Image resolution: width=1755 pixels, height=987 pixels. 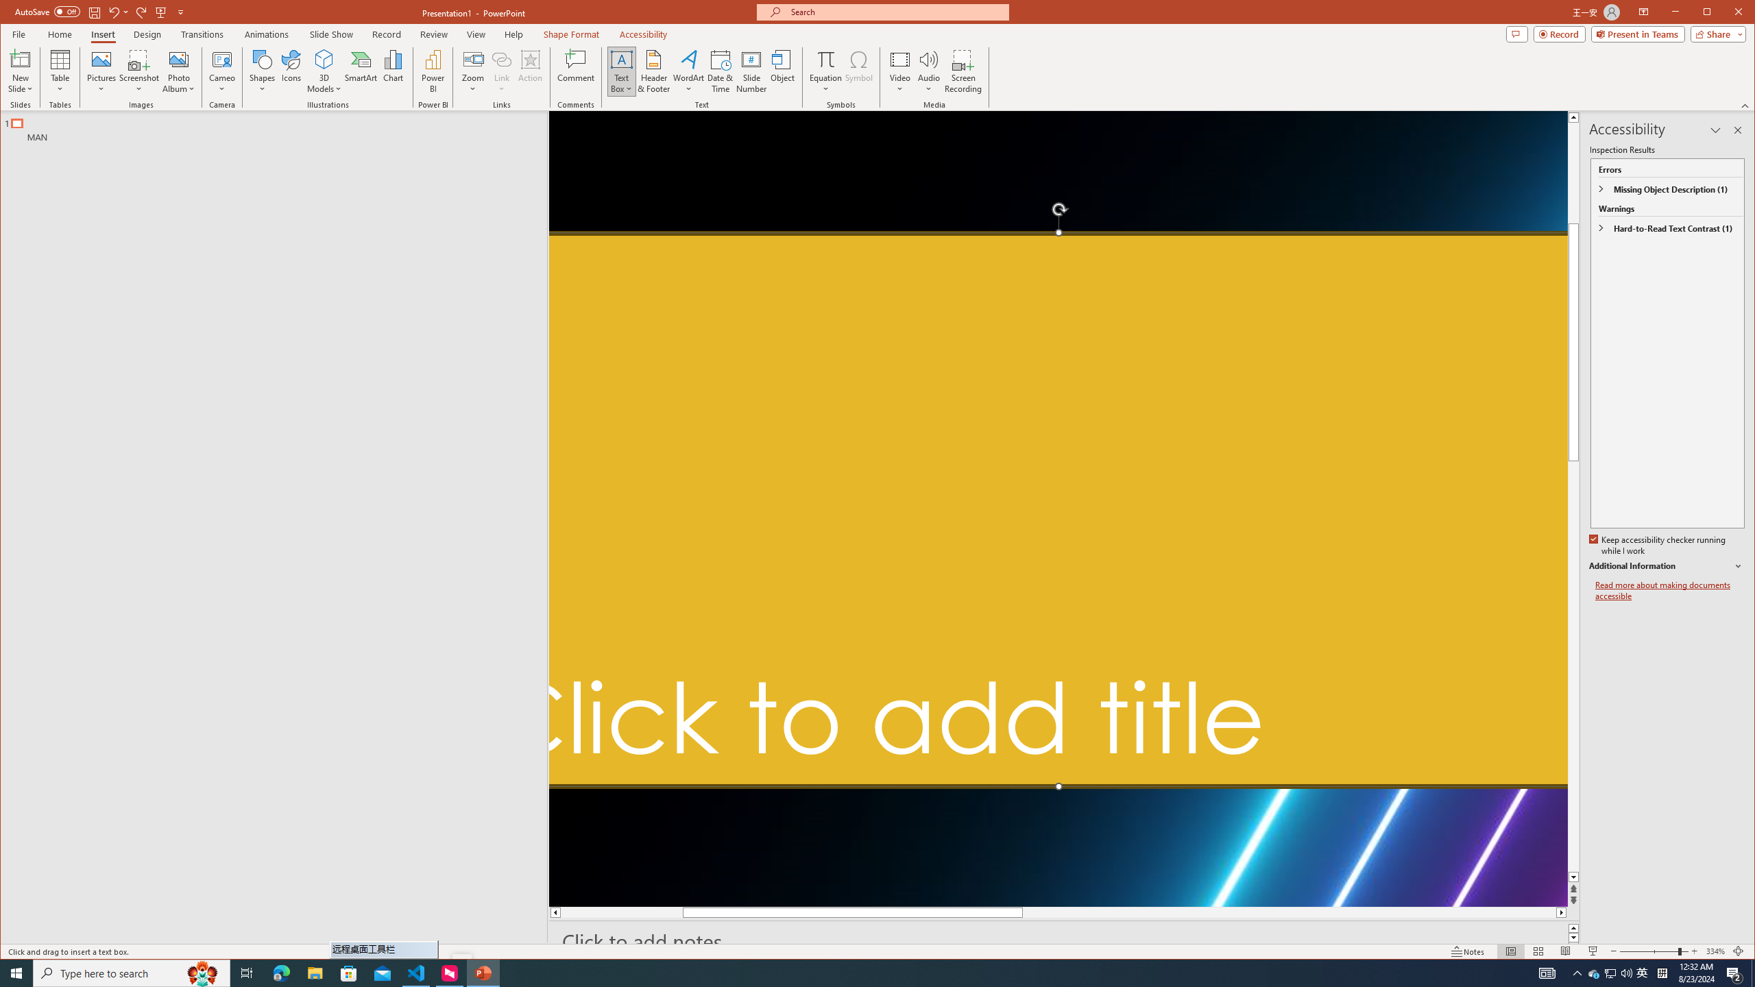 What do you see at coordinates (653, 71) in the screenshot?
I see `'Header & Footer...'` at bounding box center [653, 71].